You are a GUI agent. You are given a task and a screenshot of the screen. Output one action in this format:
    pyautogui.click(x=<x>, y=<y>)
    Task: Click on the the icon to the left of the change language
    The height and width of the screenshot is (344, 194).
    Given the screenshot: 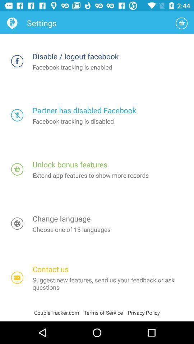 What is the action you would take?
    pyautogui.click(x=17, y=223)
    